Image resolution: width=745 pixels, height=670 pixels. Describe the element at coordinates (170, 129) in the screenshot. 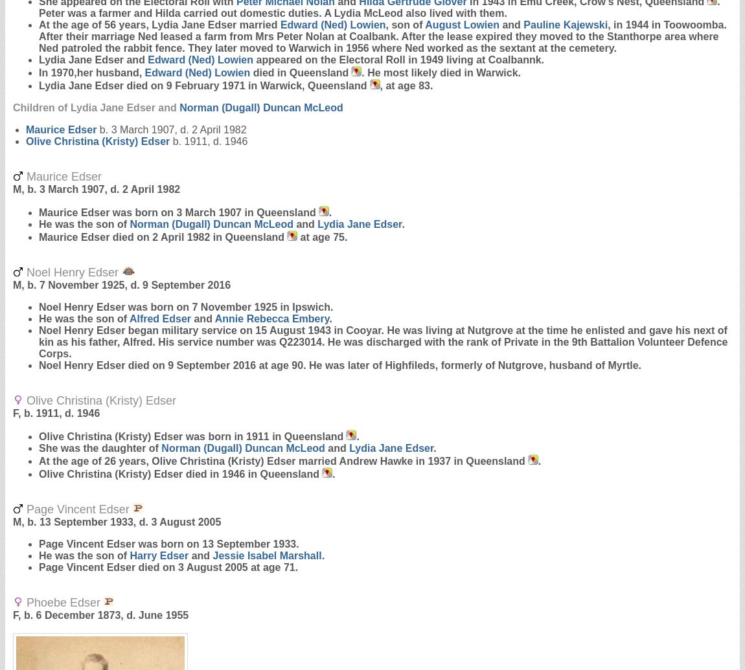

I see `'b. 3 March 1907, d. 2 April 1982'` at that location.